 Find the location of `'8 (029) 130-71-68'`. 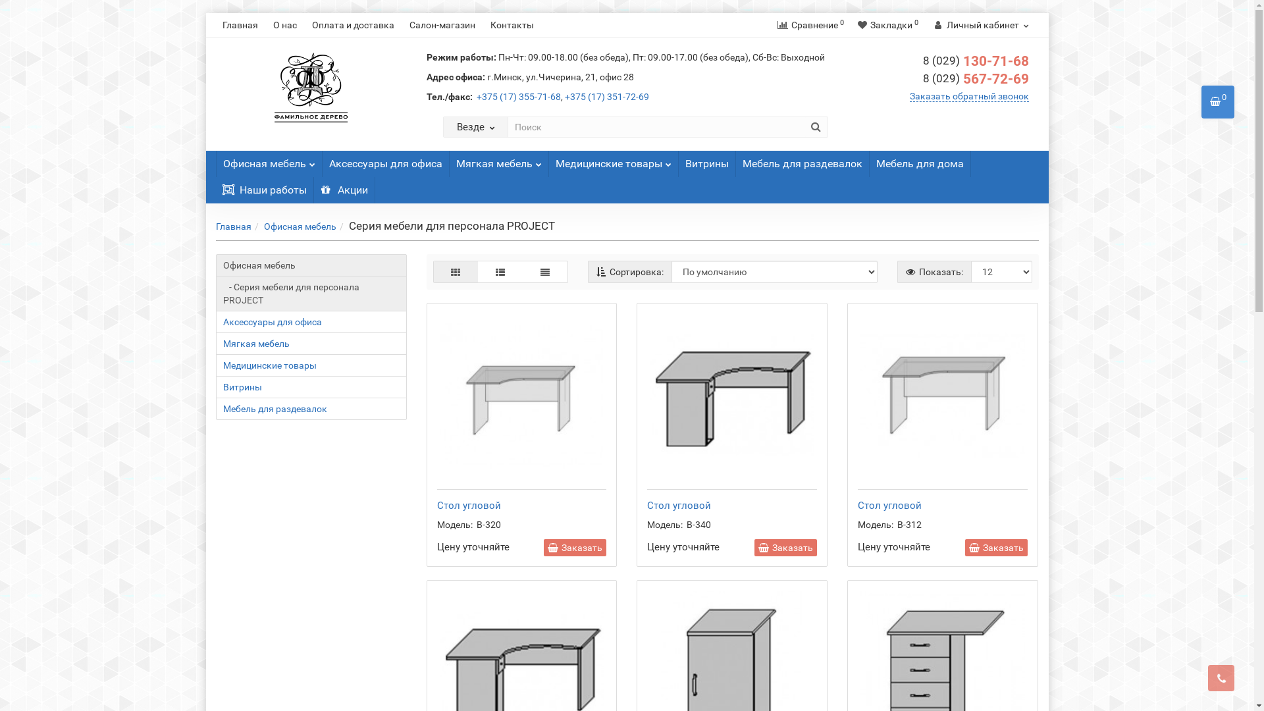

'8 (029) 130-71-68' is located at coordinates (976, 61).